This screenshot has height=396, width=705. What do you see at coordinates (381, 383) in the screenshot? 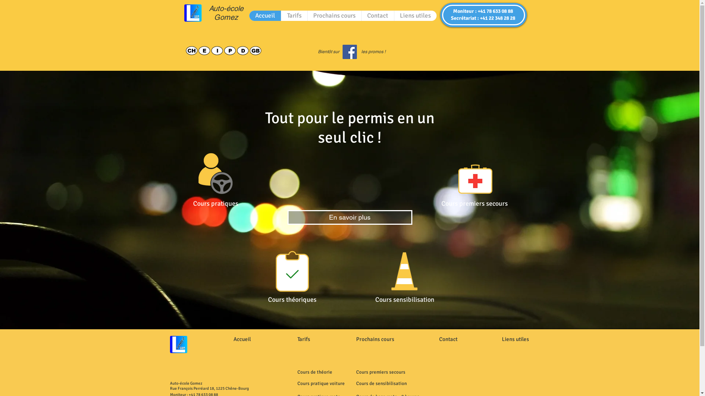
I see `'Cours de sensibilisation'` at bounding box center [381, 383].